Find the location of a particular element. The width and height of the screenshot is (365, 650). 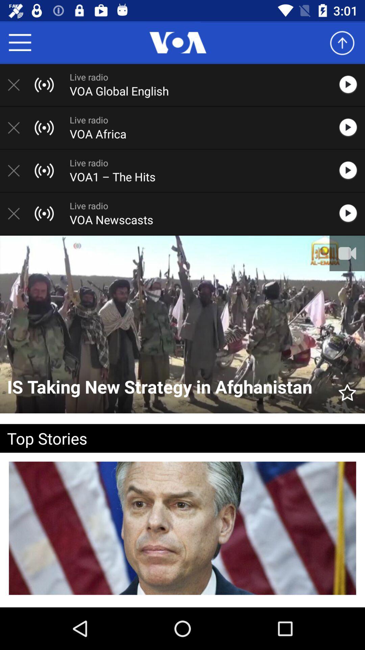

item next to is taking new is located at coordinates (347, 389).